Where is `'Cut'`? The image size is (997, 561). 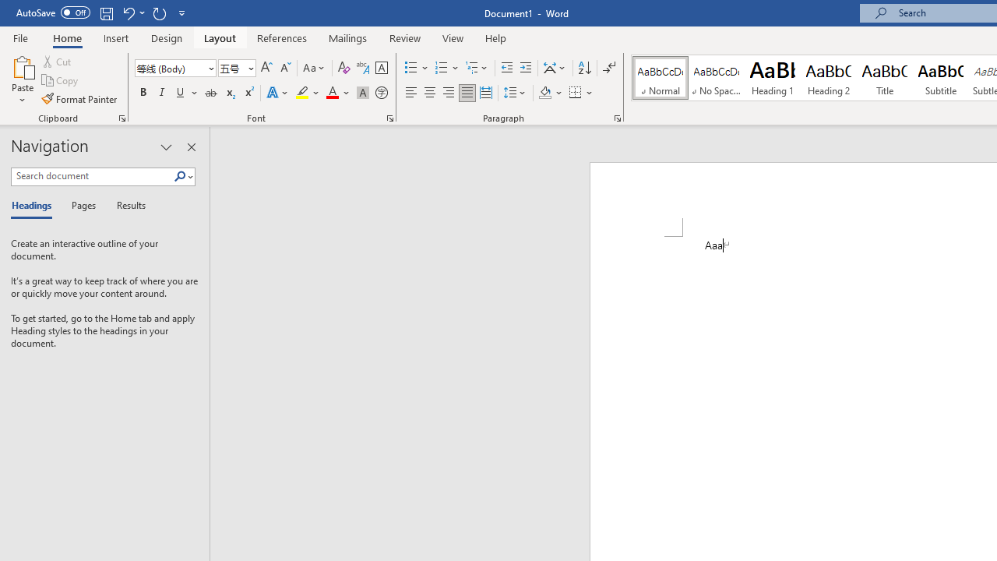
'Cut' is located at coordinates (58, 61).